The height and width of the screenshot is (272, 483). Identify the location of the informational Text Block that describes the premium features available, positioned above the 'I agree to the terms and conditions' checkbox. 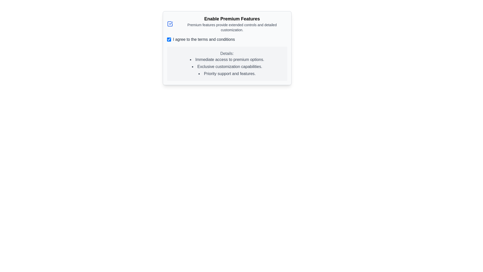
(227, 24).